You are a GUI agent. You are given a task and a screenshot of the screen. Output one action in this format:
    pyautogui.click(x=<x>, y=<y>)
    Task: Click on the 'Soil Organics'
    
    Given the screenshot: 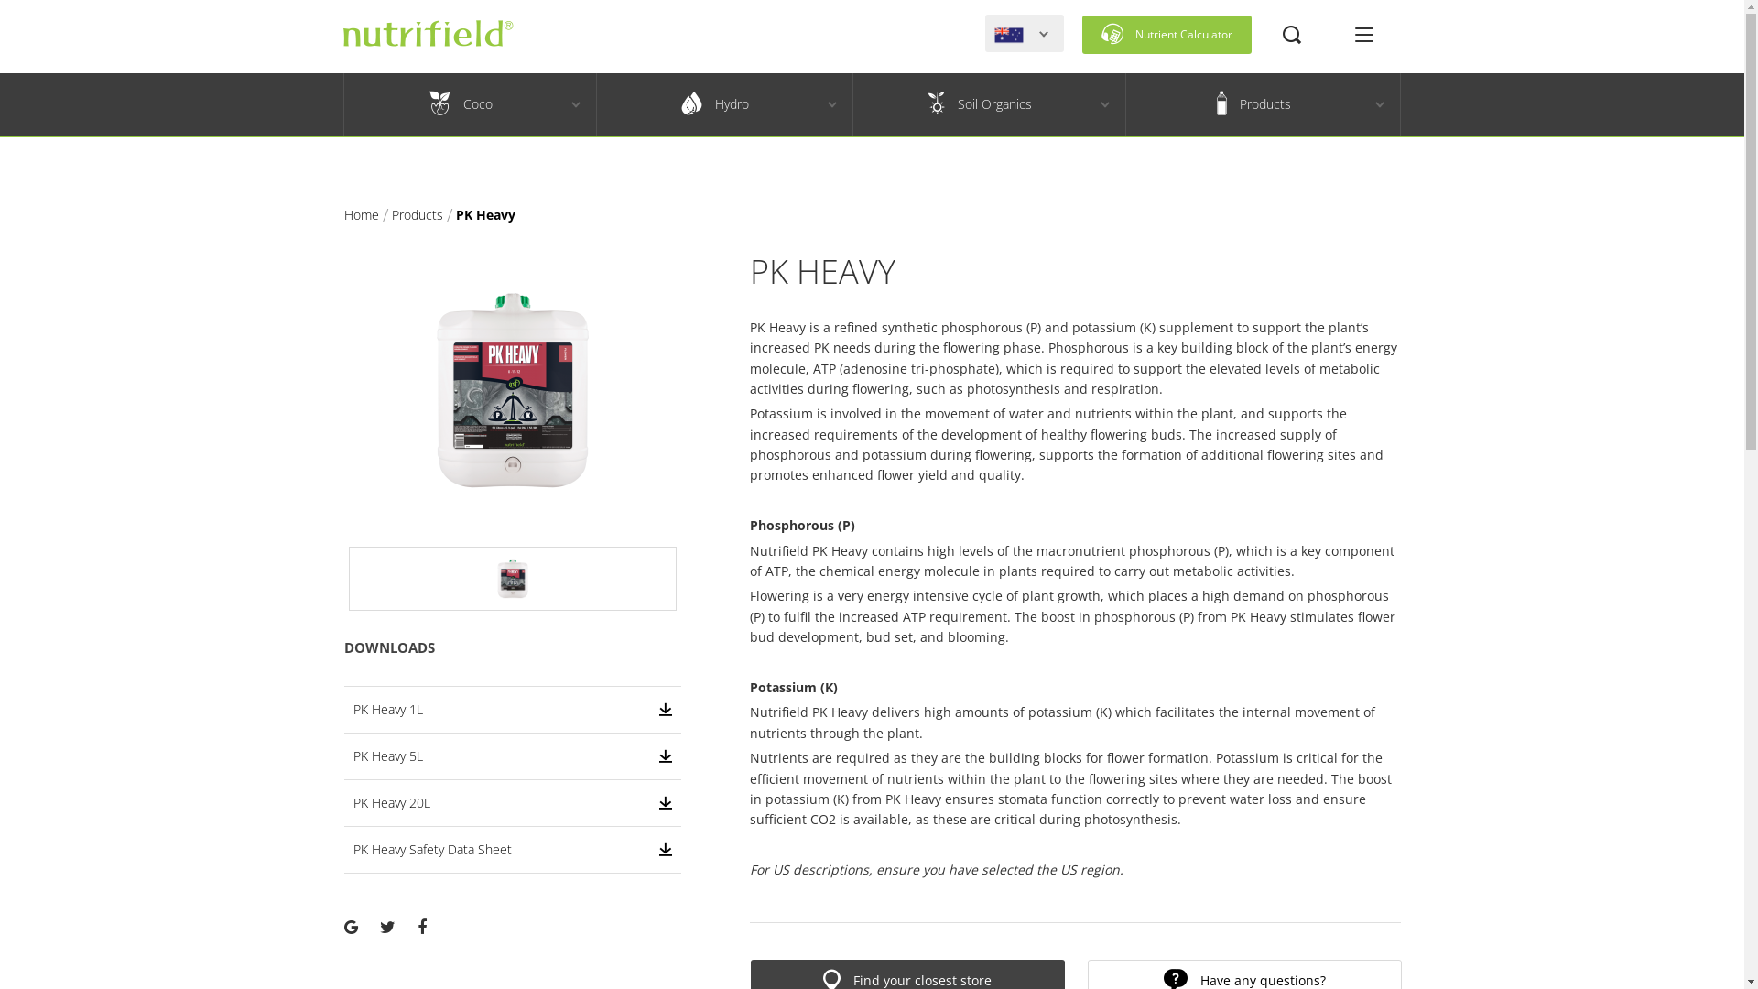 What is the action you would take?
    pyautogui.click(x=852, y=104)
    